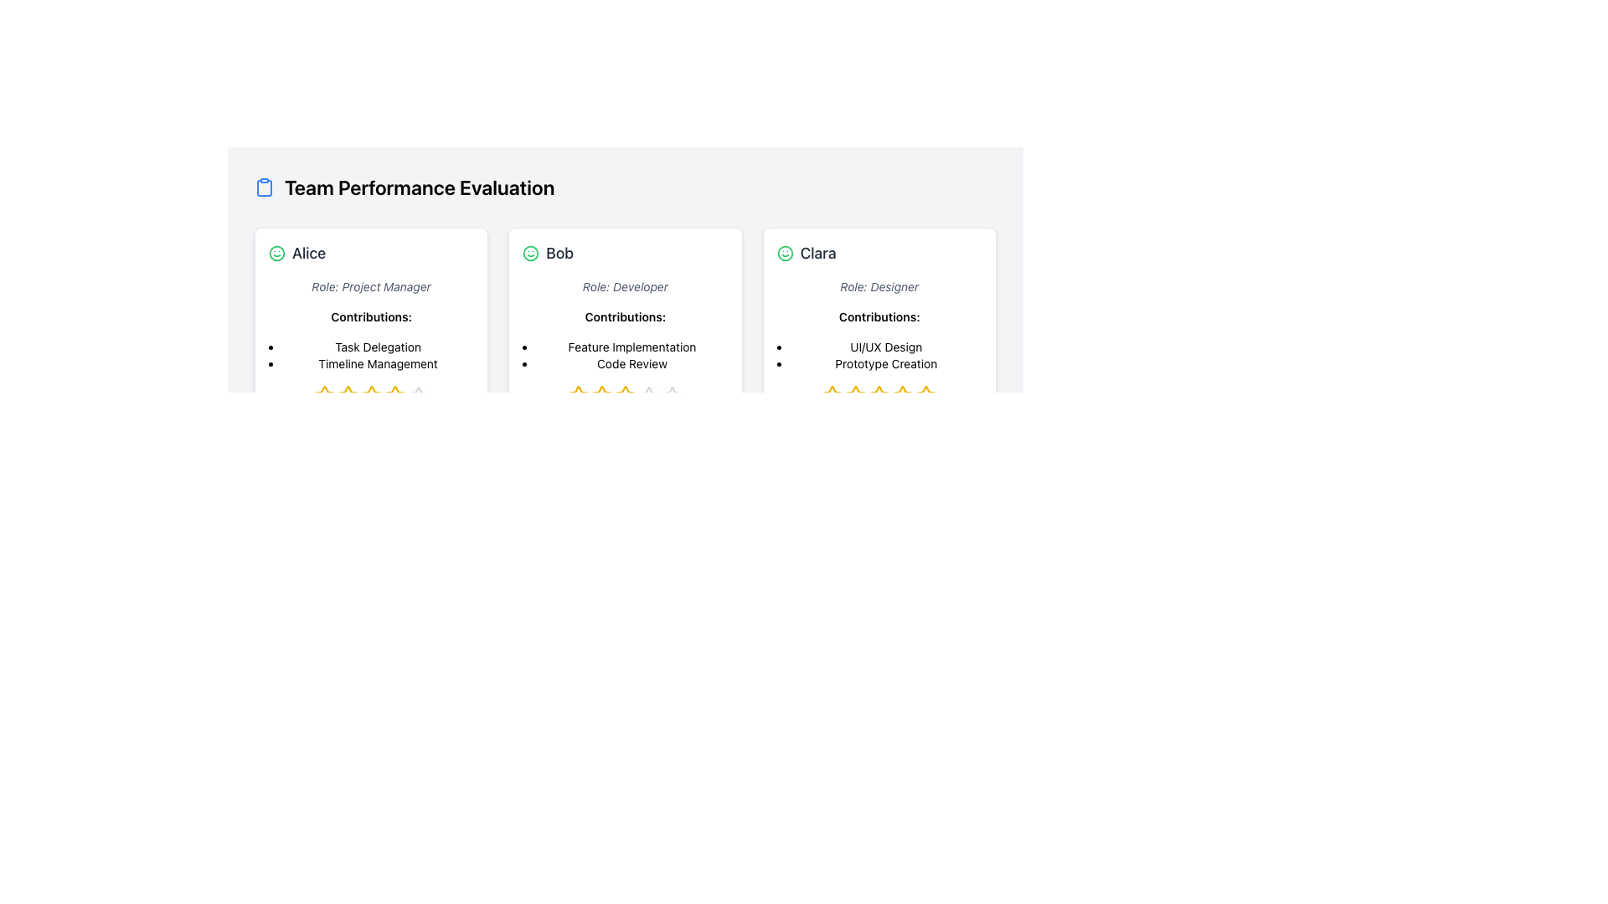  I want to click on the fourth star in the rating system under the 'Contributions' section of the 'Clara' card, so click(856, 395).